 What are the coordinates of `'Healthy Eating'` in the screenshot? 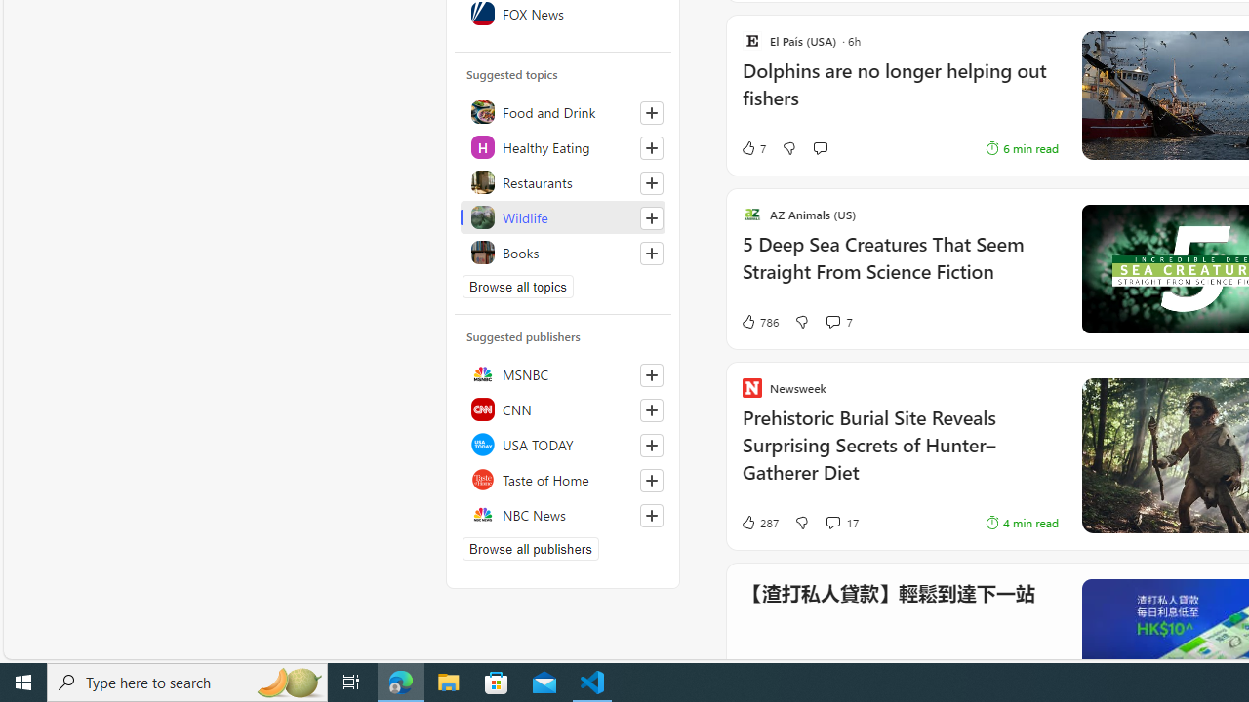 It's located at (562, 145).